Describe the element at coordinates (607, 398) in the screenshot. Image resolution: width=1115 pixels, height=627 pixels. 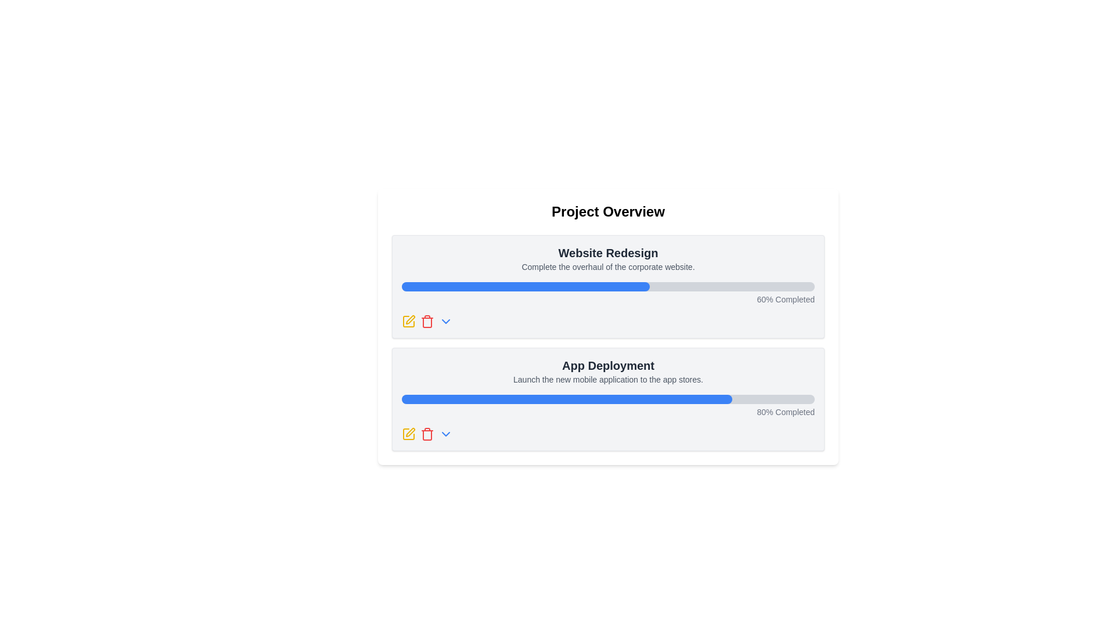
I see `the Progress Bar in the 'App Deployment' section, which visually represents 80% completion of a task` at that location.